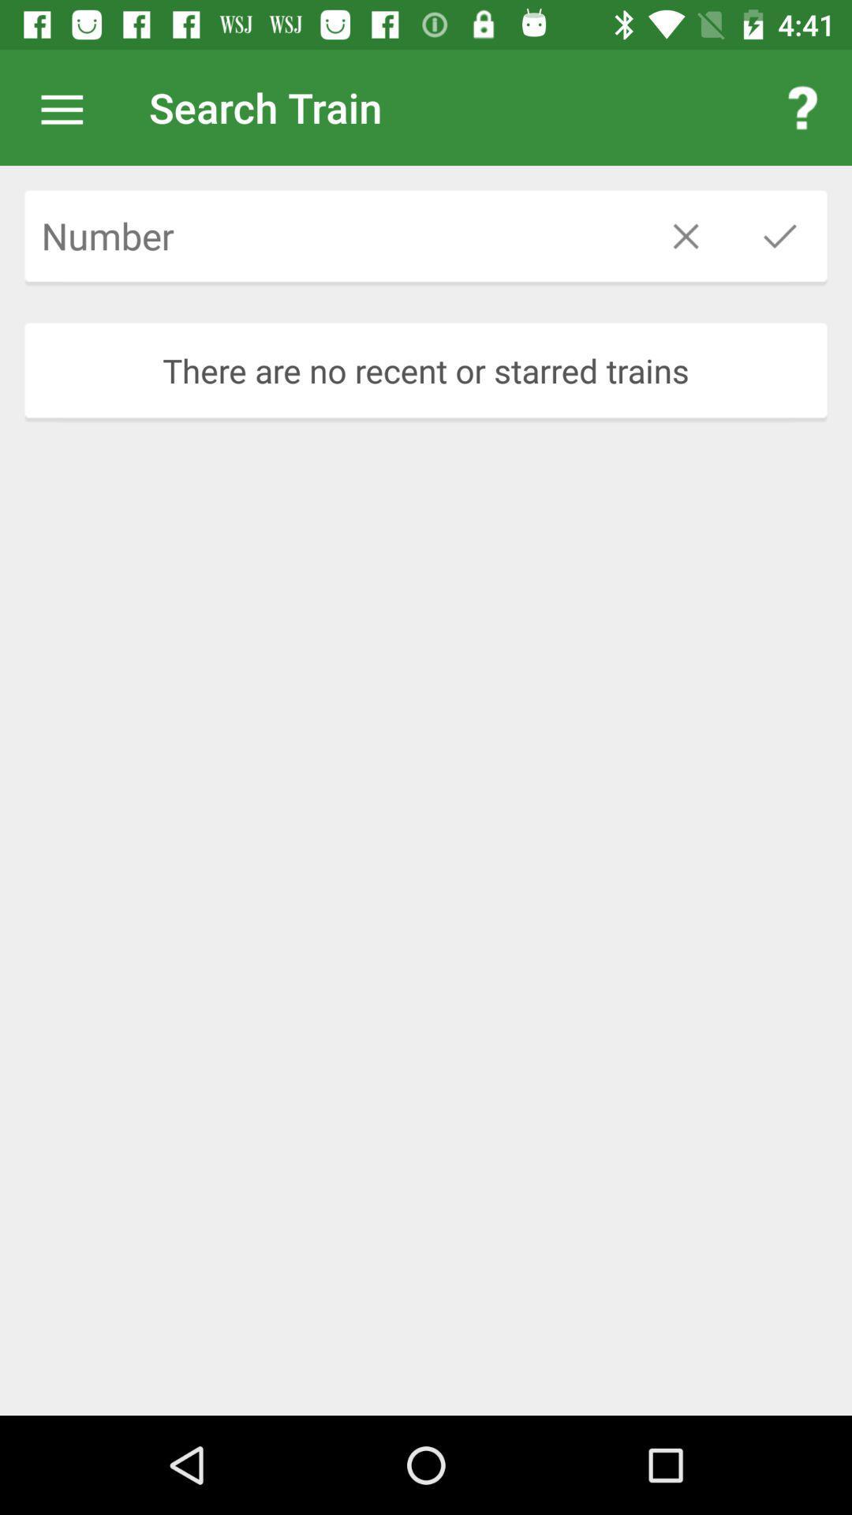 The width and height of the screenshot is (852, 1515). I want to click on icon next to search train item, so click(802, 107).